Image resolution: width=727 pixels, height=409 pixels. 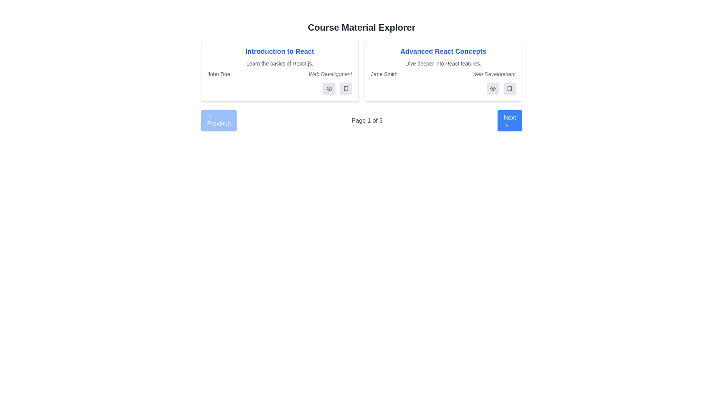 I want to click on the Text label that displays additional information about the presenter or topic, located below and to the right of the text 'John Doe' in the left card, so click(x=330, y=74).